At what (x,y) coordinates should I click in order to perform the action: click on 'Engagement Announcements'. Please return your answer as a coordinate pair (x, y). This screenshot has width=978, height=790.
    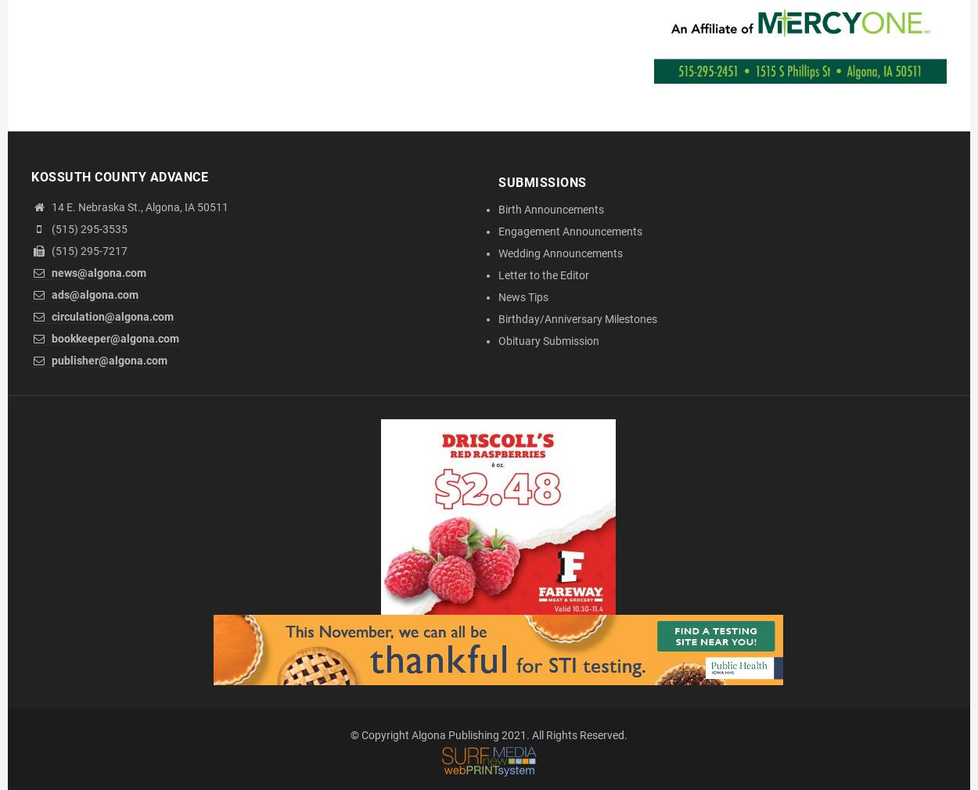
    Looking at the image, I should click on (570, 231).